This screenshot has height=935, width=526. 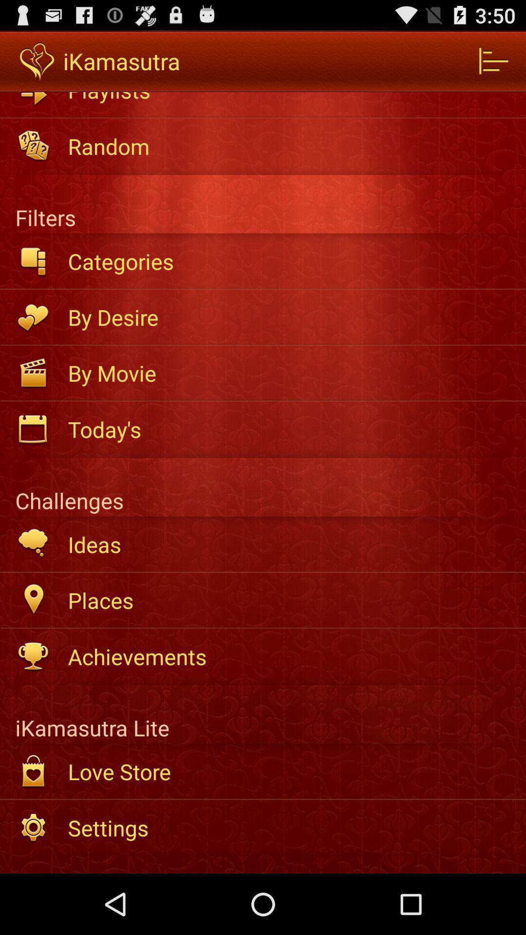 What do you see at coordinates (290, 599) in the screenshot?
I see `app below ideas item` at bounding box center [290, 599].